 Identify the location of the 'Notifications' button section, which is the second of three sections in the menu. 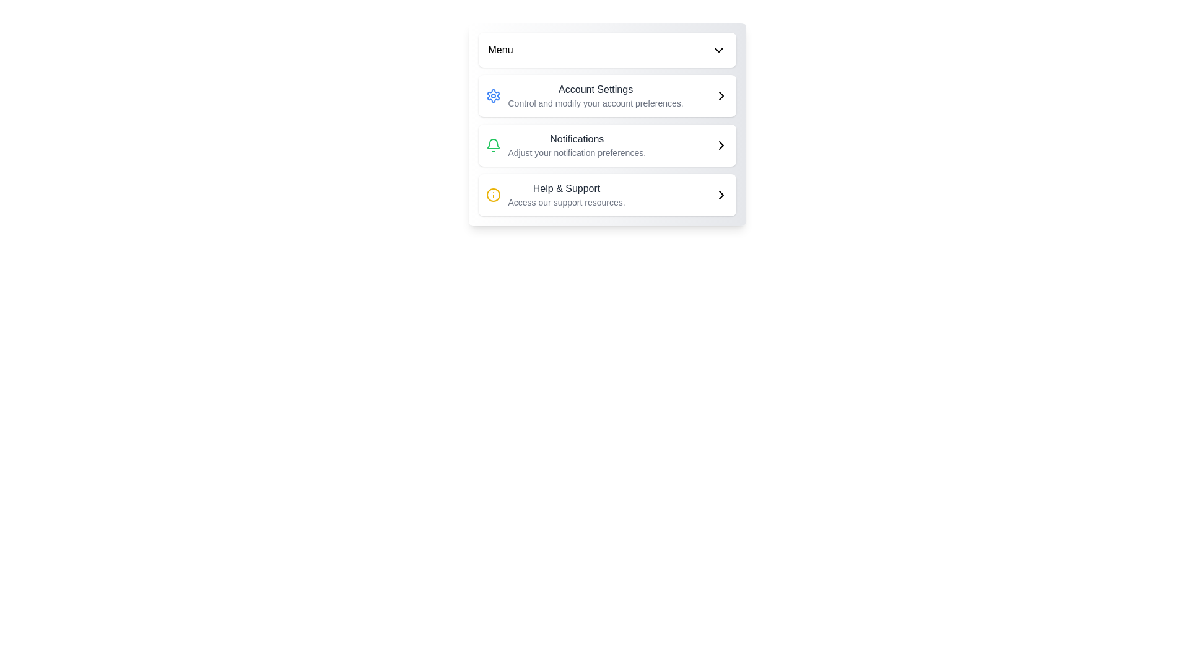
(607, 145).